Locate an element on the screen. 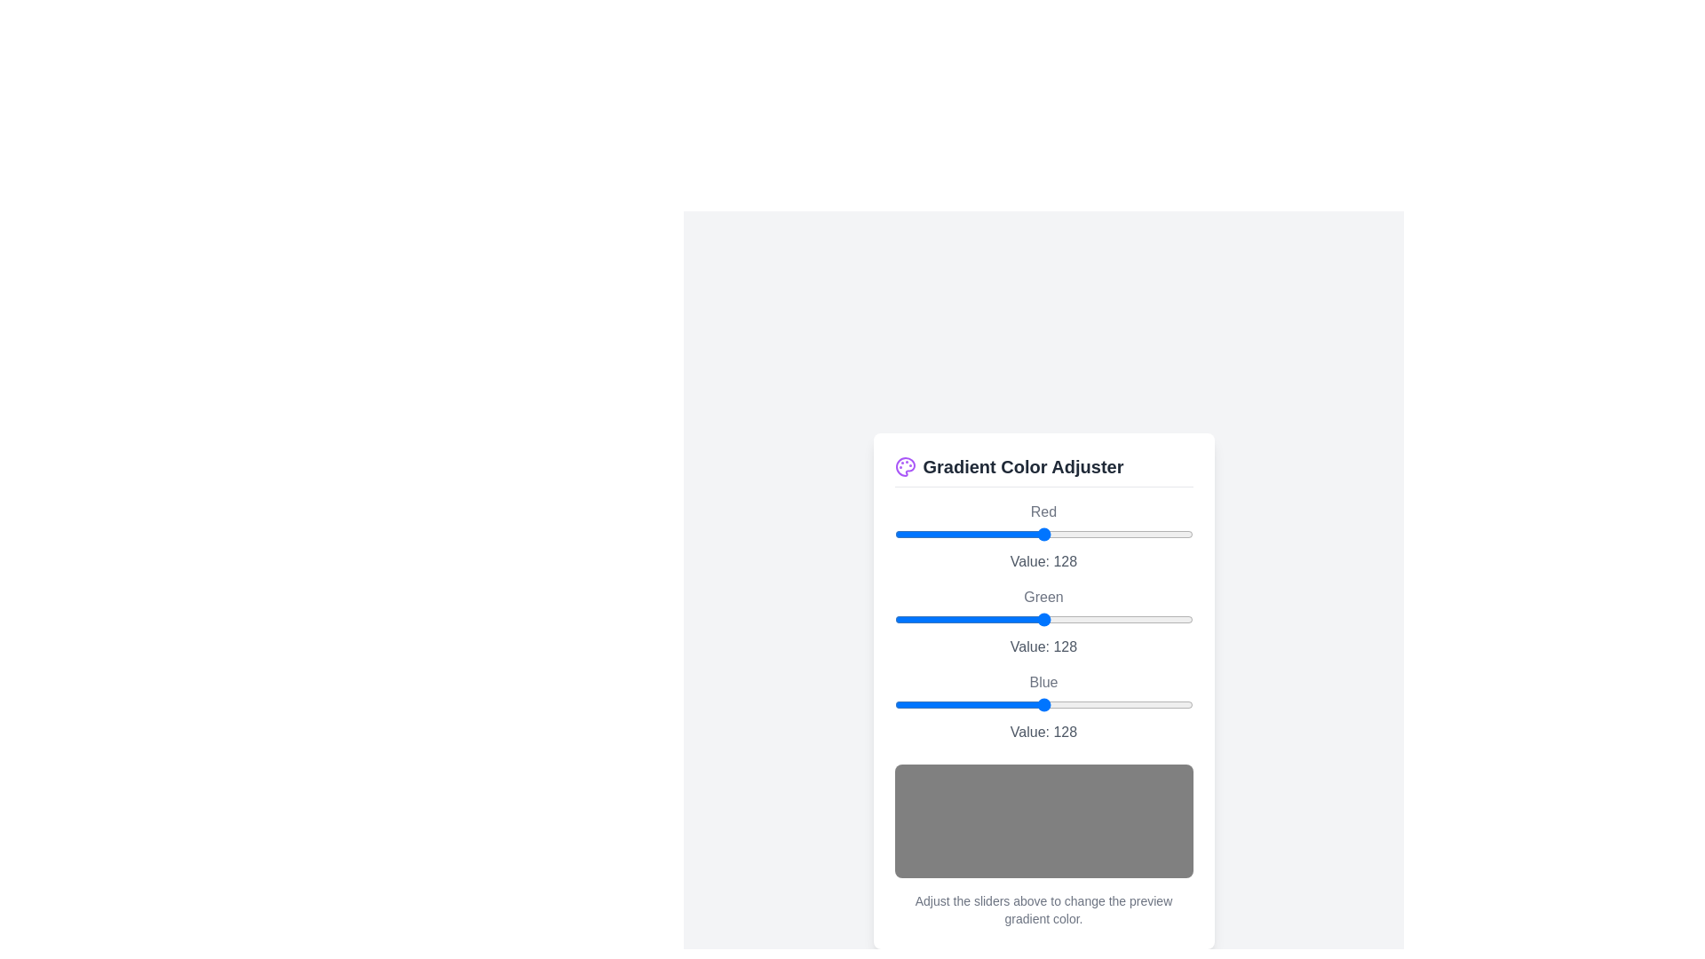  the green slider to 91 is located at coordinates (1001, 618).